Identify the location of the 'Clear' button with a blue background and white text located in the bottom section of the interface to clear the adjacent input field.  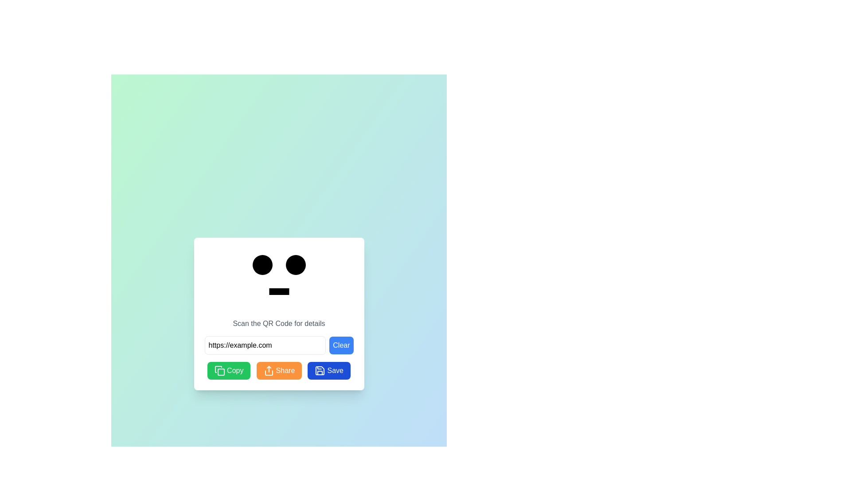
(341, 345).